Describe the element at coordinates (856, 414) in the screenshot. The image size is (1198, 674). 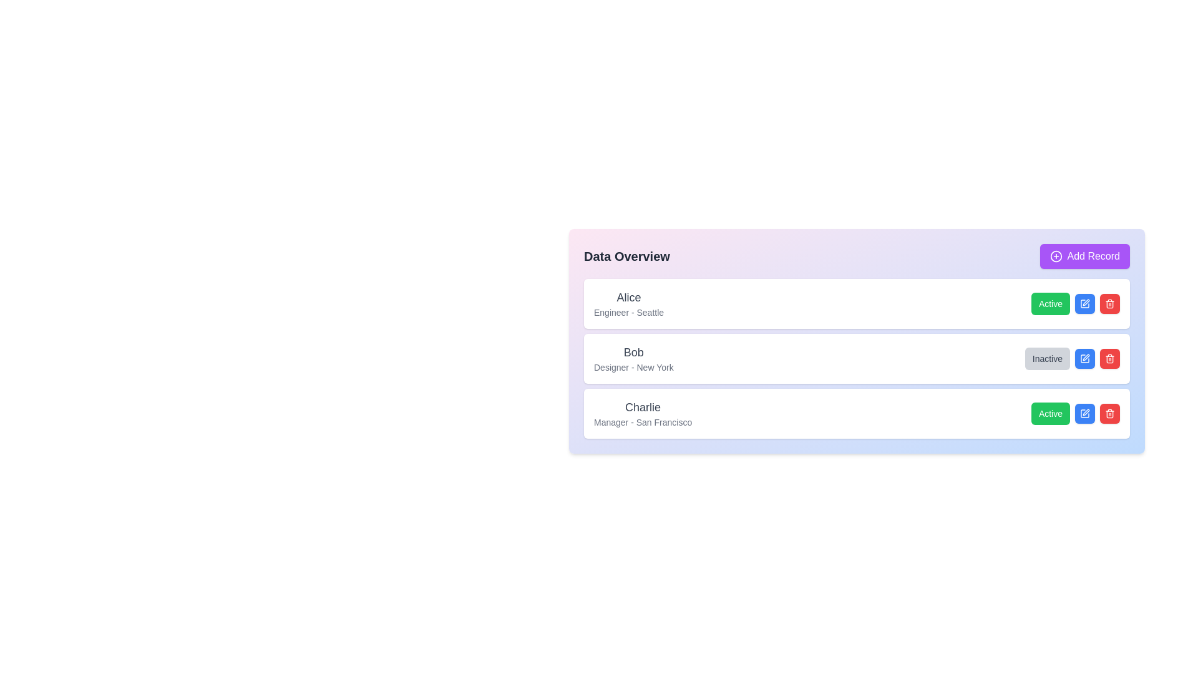
I see `the card displaying 'Charlie', who is a 'Manager - San Francisco' with status 'Active', positioned as the third item in a vertical list of similar cards` at that location.